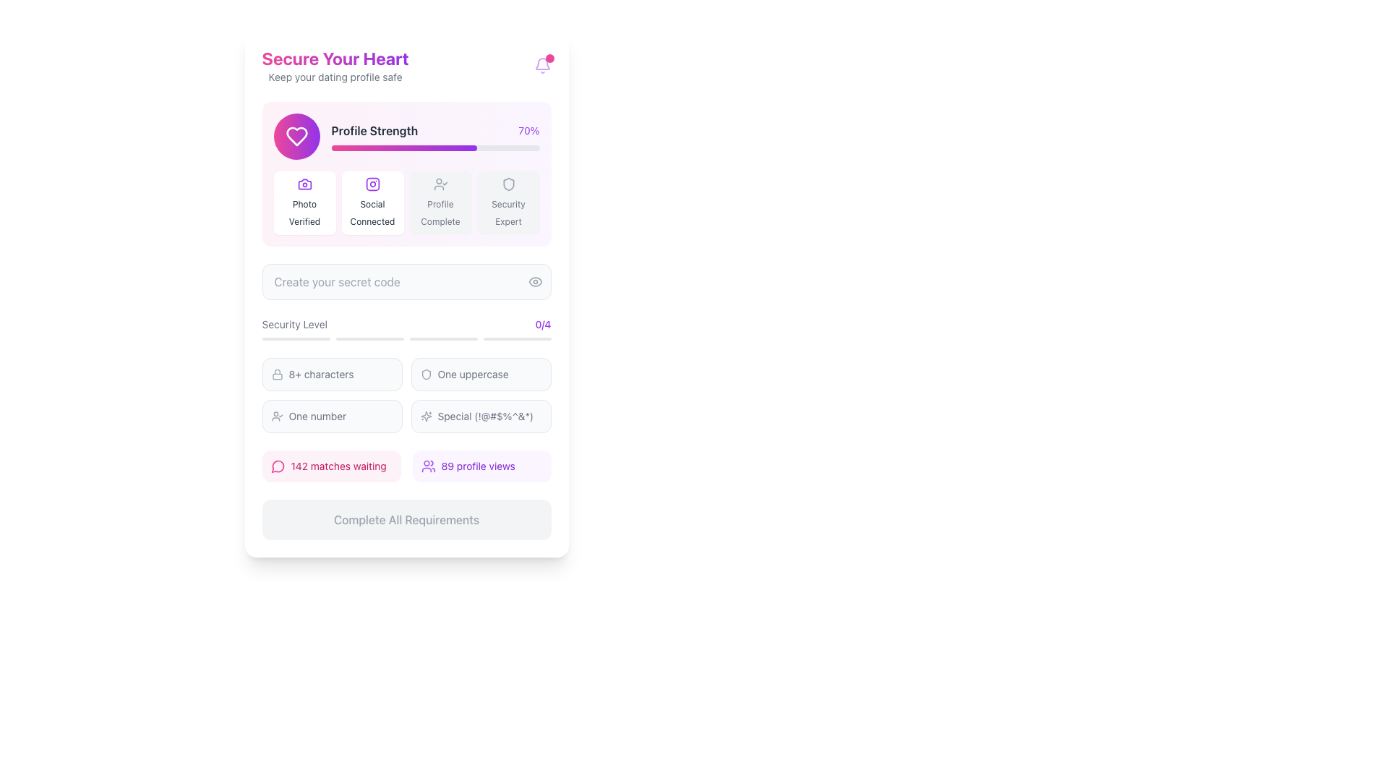 The image size is (1388, 781). Describe the element at coordinates (534, 281) in the screenshot. I see `the eye icon located to the right of the password input field labeled 'Create your secret code'` at that location.